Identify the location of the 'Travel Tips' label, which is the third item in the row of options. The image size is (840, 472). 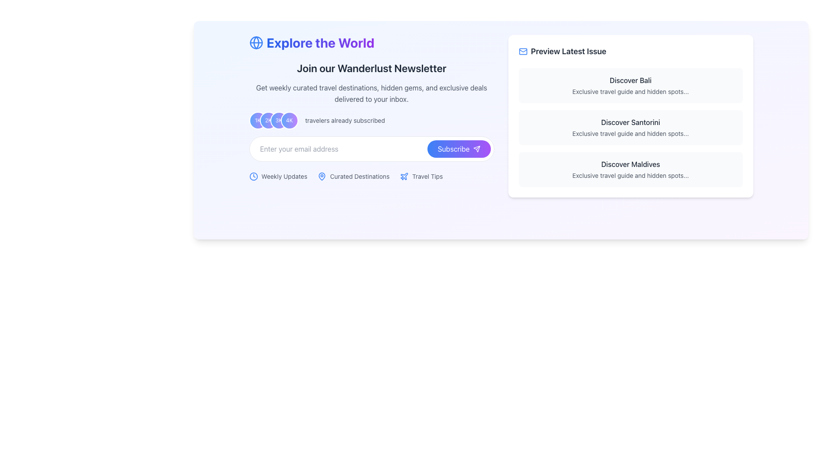
(421, 177).